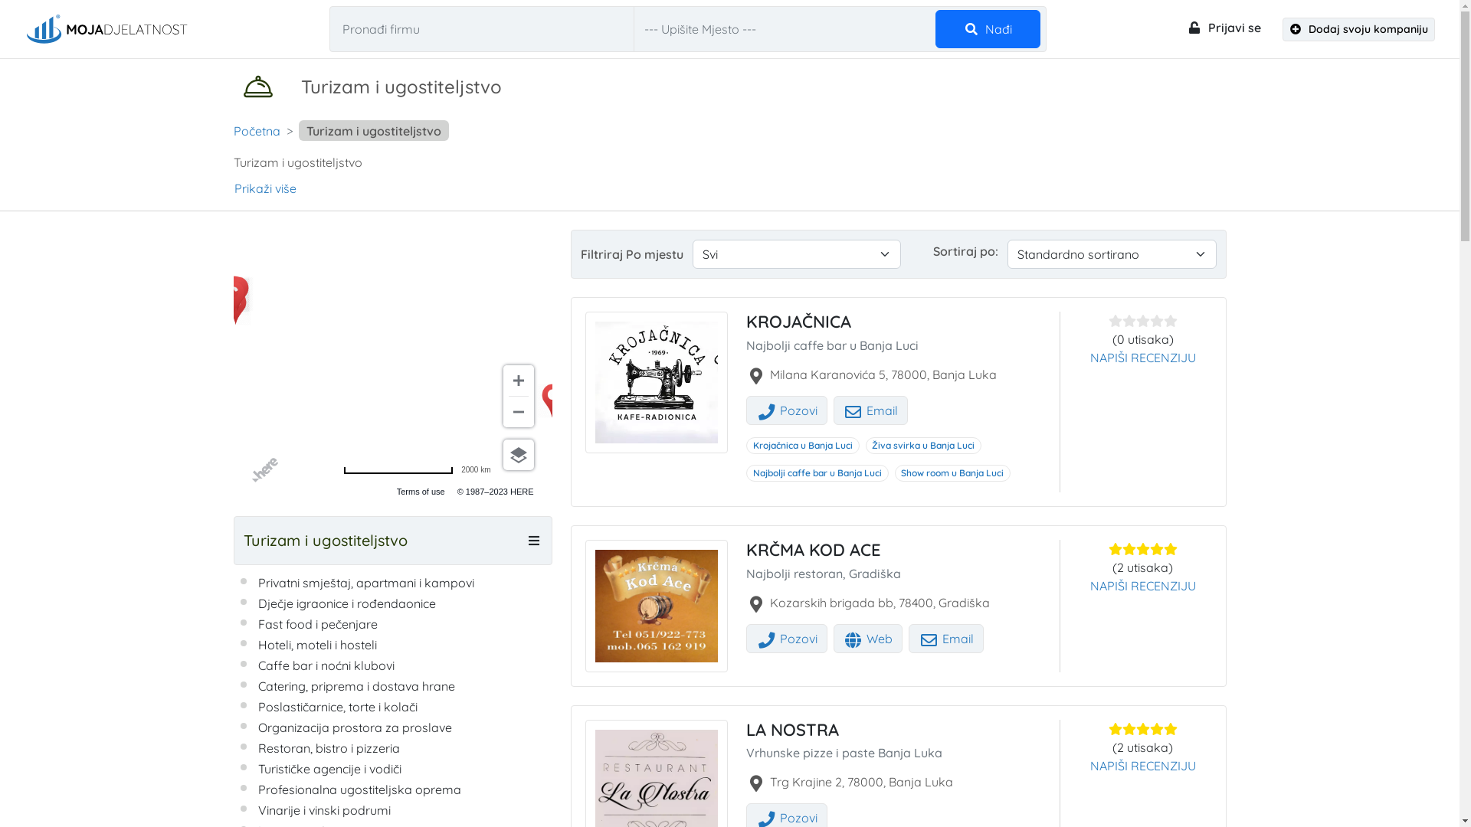  Describe the element at coordinates (353, 726) in the screenshot. I see `'Organizacija prostora za proslave'` at that location.